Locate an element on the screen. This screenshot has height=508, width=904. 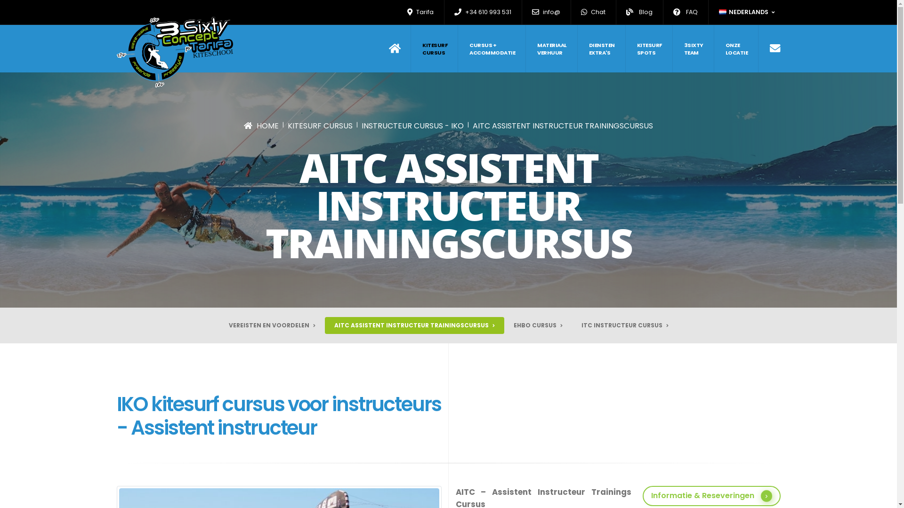
'+34 610 993 531' is located at coordinates (449, 12).